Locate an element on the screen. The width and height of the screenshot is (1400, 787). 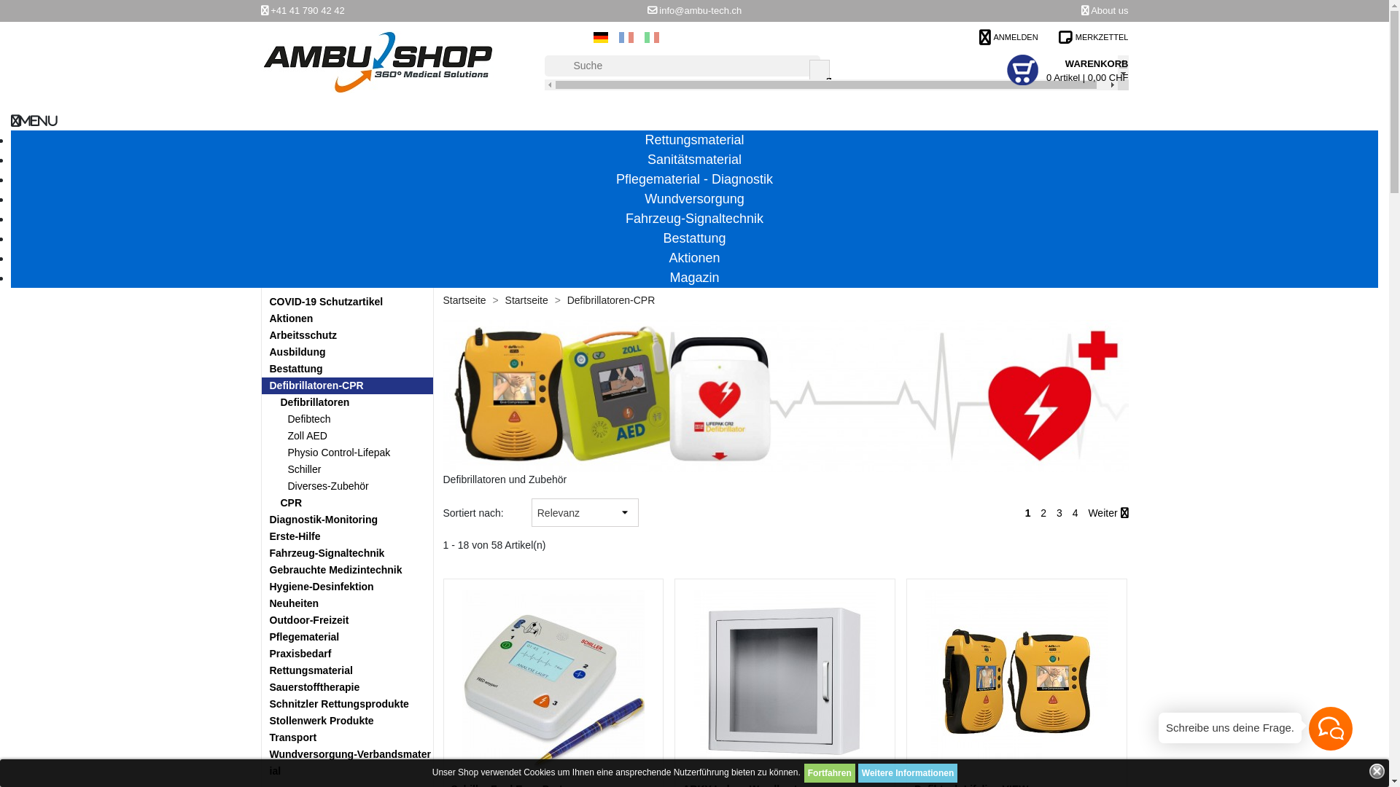
'+41 41 790 42 42' is located at coordinates (307, 10).